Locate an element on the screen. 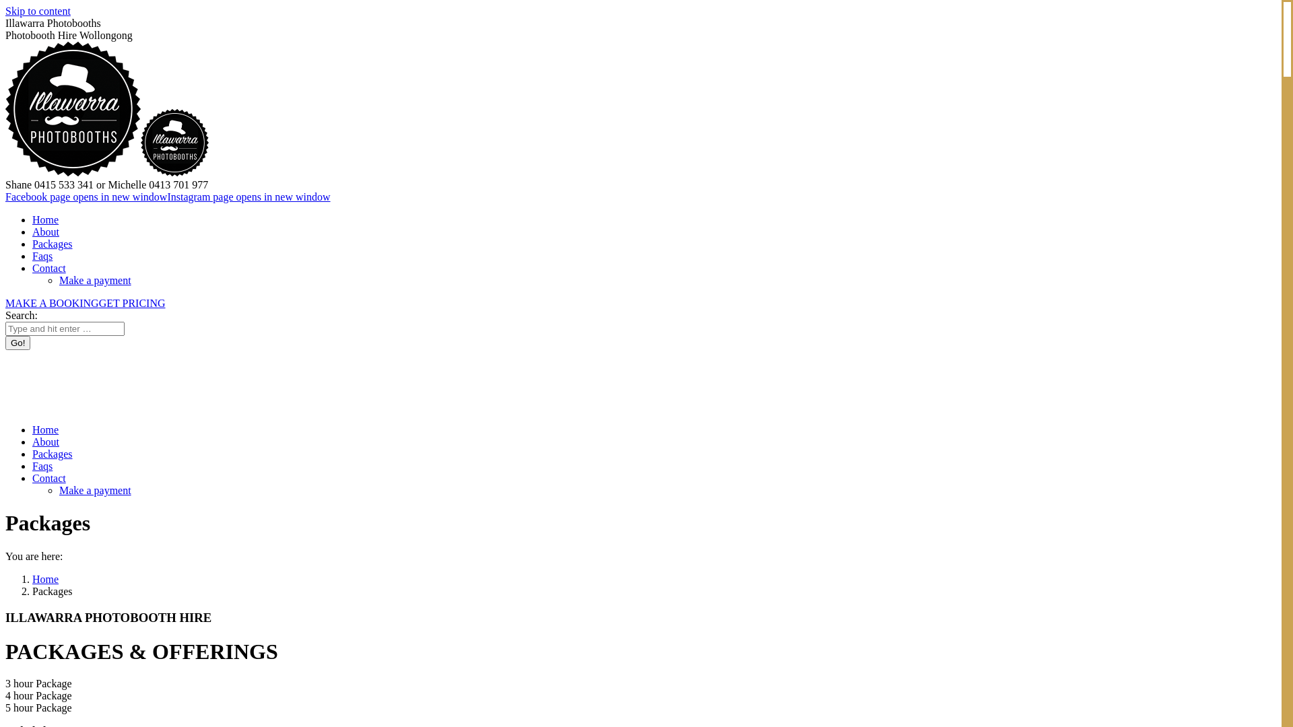  'Skip to content' is located at coordinates (38, 11).